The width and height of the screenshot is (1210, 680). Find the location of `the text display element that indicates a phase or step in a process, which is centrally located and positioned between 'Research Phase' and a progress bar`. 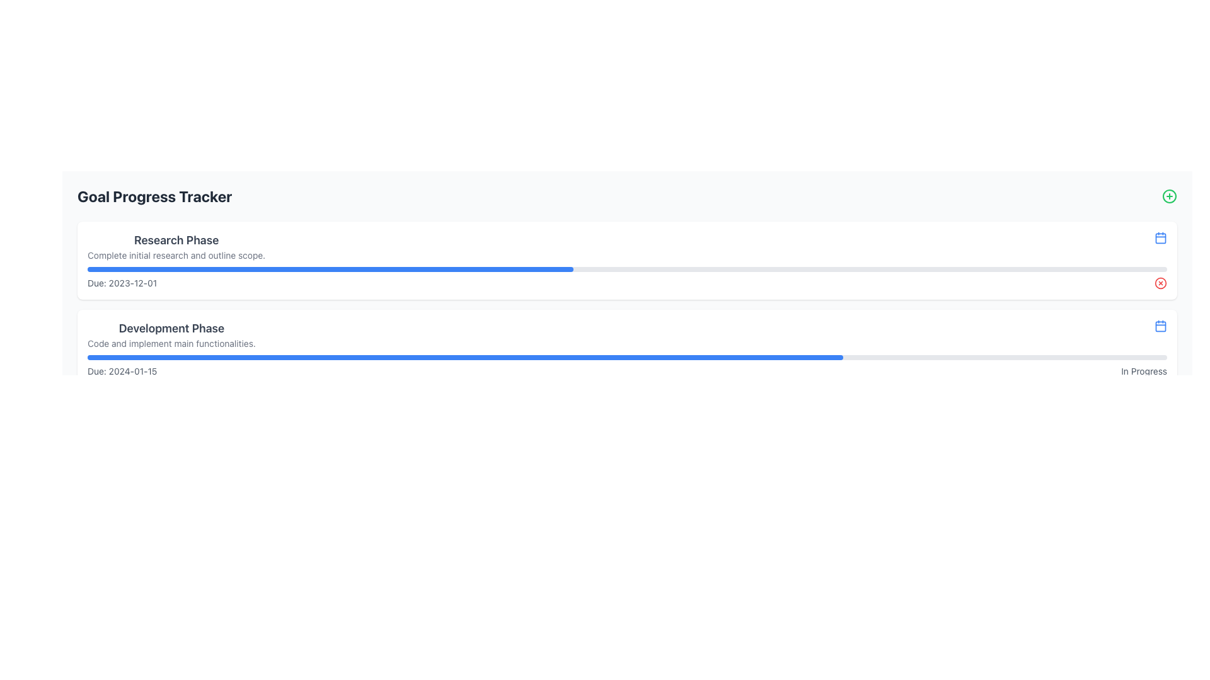

the text display element that indicates a phase or step in a process, which is centrally located and positioned between 'Research Phase' and a progress bar is located at coordinates (171, 334).